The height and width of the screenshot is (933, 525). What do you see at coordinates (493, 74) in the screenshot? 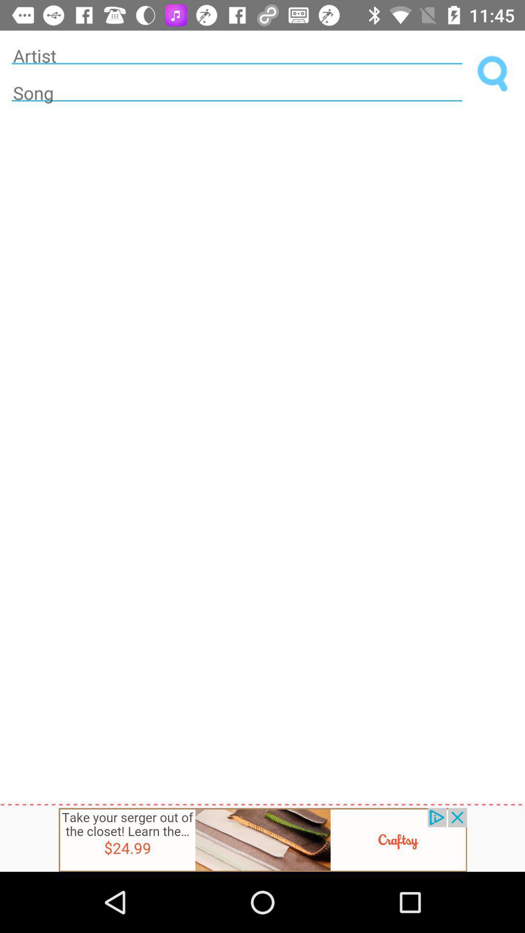
I see `the search icon` at bounding box center [493, 74].